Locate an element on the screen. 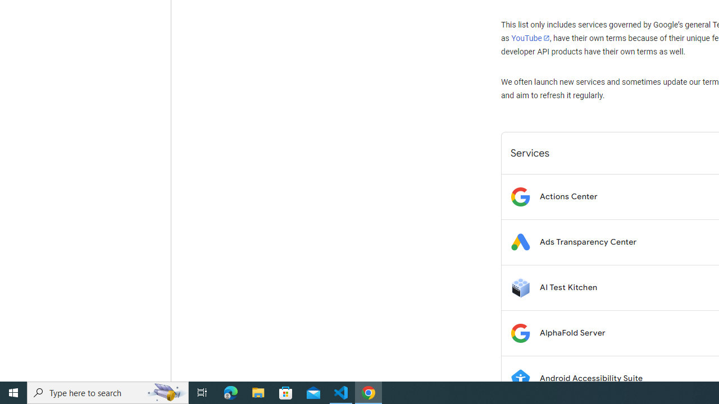 Image resolution: width=719 pixels, height=404 pixels. 'Logo for AlphaFold Server' is located at coordinates (520, 332).